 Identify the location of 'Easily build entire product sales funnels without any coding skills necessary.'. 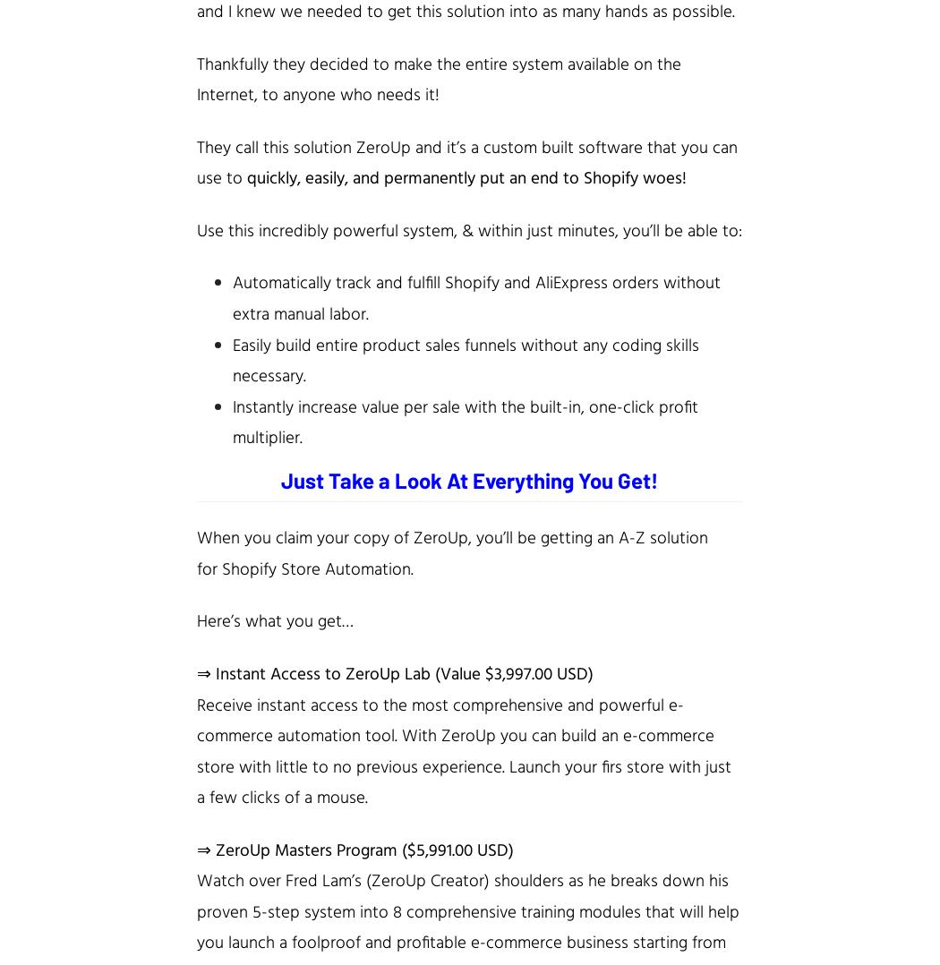
(465, 360).